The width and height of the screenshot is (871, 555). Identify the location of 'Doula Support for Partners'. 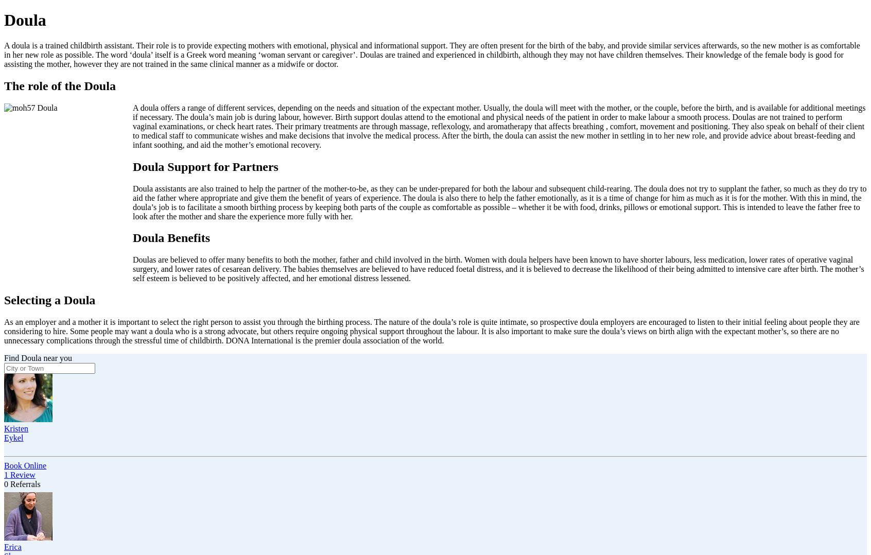
(205, 165).